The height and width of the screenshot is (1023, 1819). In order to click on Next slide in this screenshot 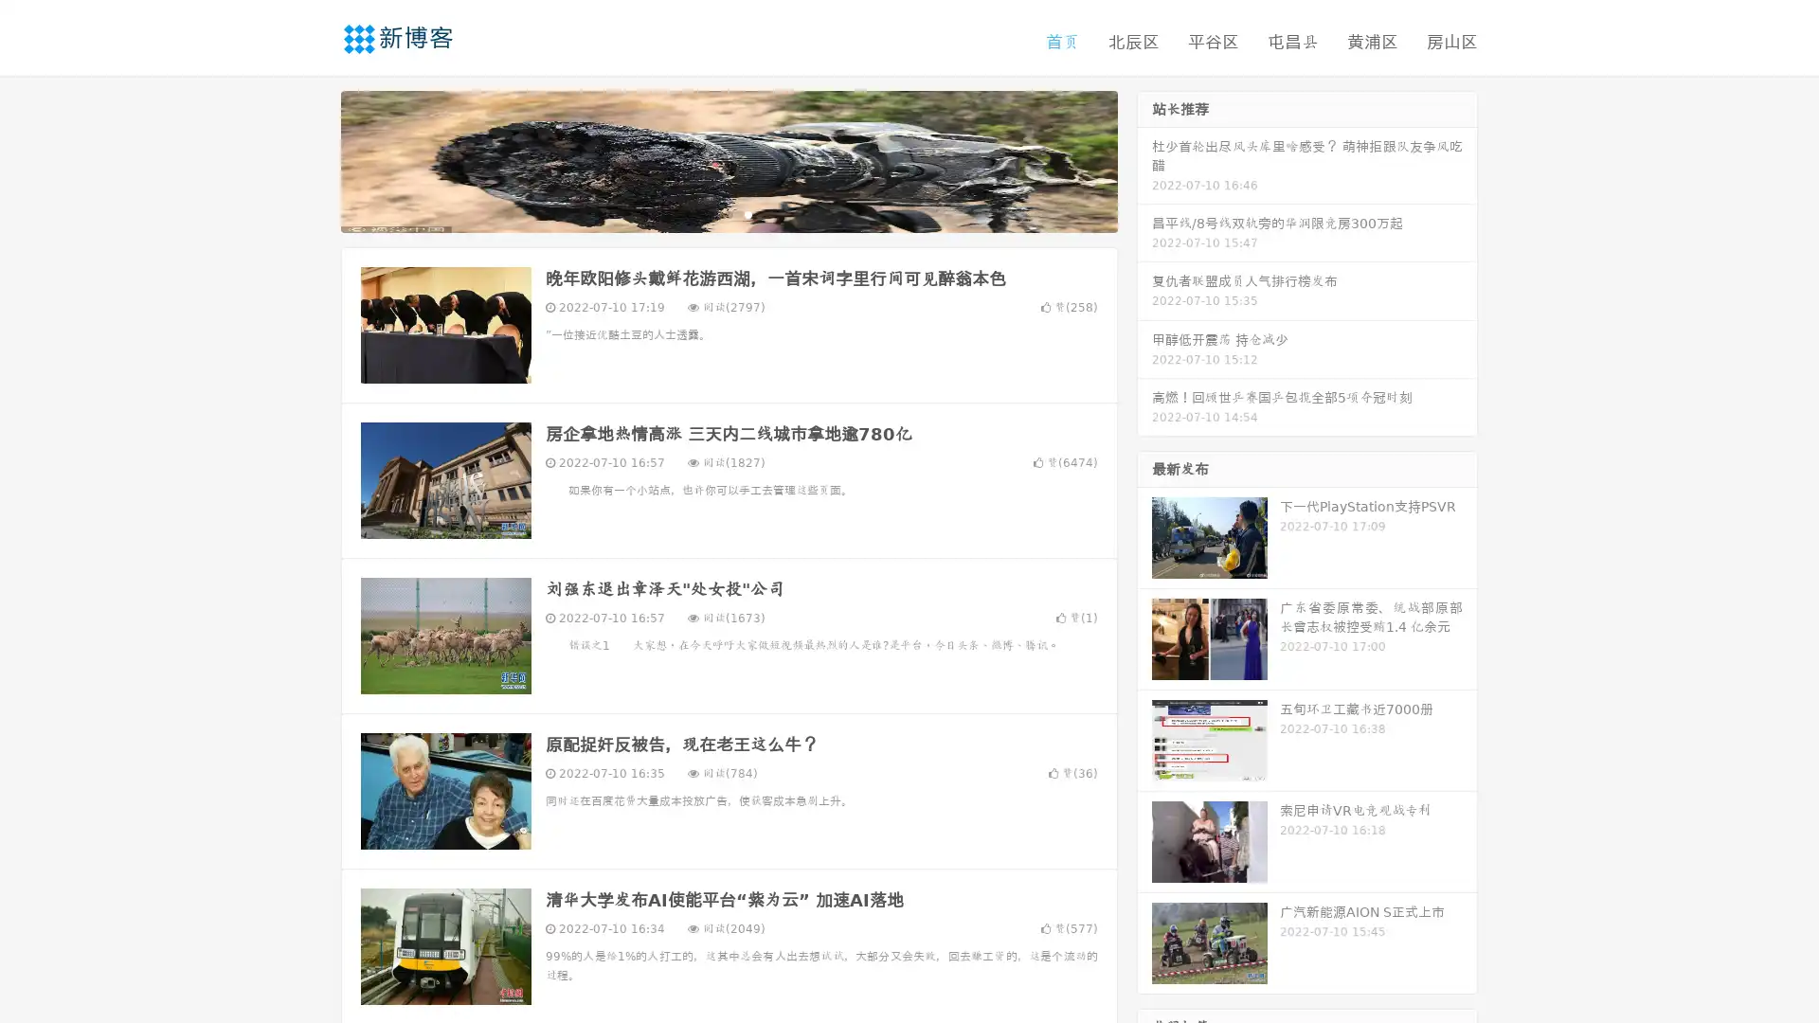, I will do `click(1144, 159)`.